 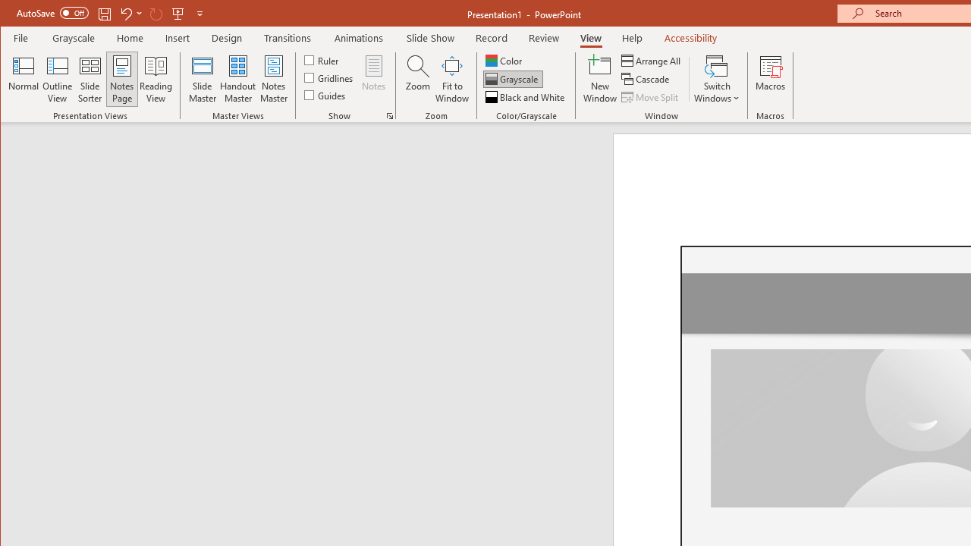 What do you see at coordinates (237, 79) in the screenshot?
I see `'Handout Master'` at bounding box center [237, 79].